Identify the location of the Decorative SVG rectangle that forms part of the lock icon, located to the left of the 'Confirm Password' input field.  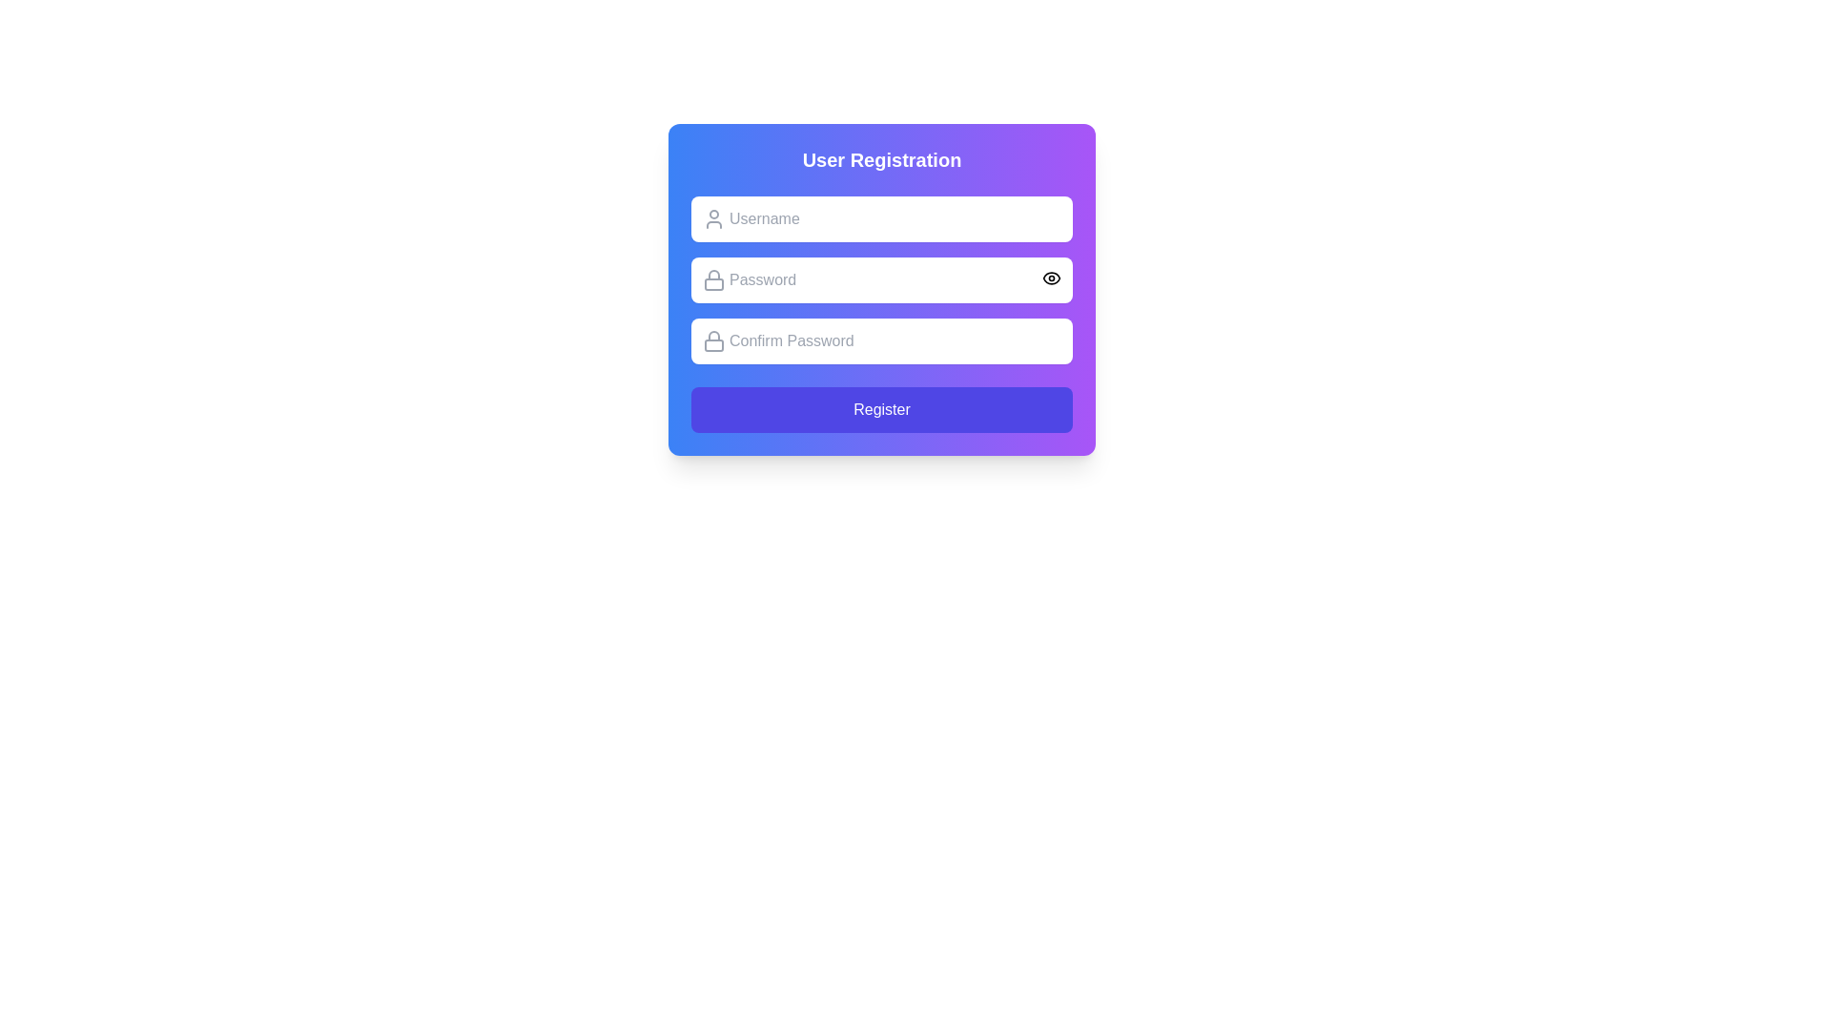
(712, 345).